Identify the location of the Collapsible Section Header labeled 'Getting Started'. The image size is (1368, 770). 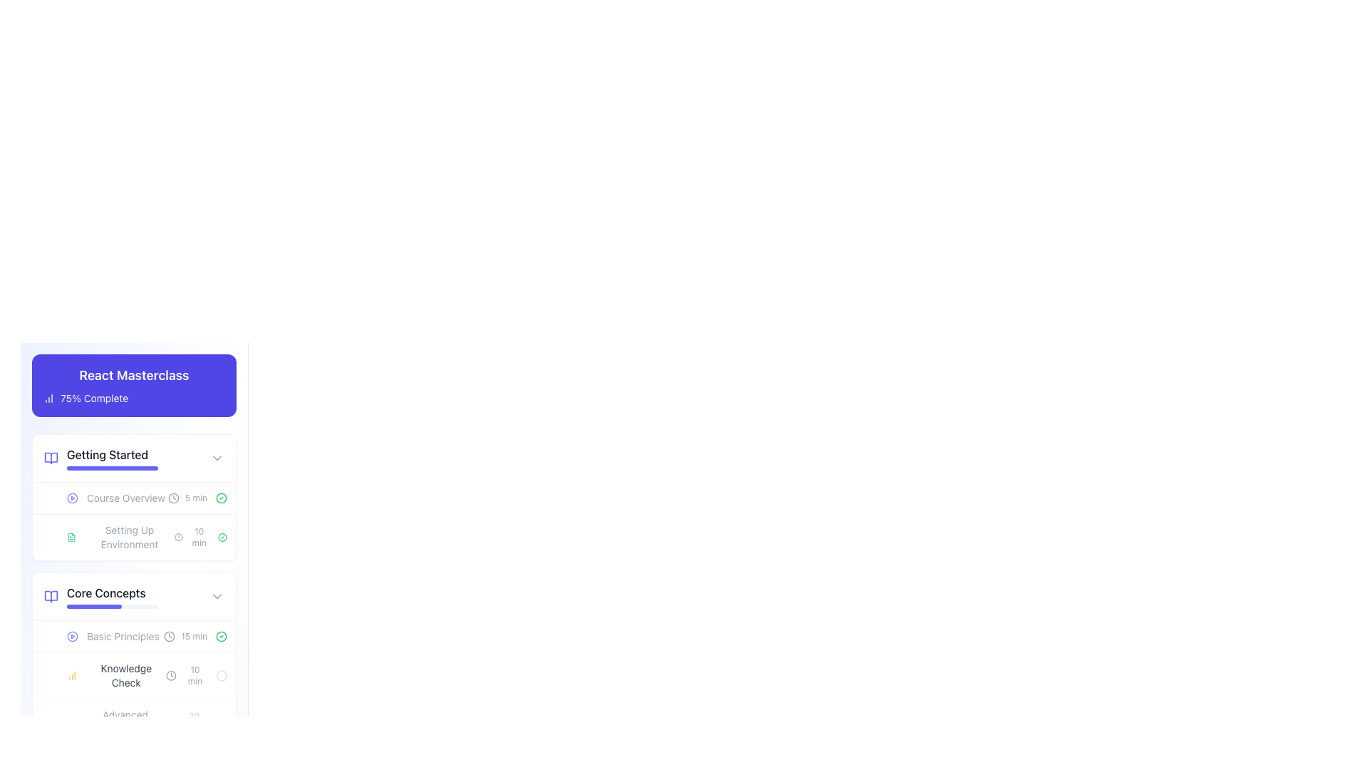
(134, 458).